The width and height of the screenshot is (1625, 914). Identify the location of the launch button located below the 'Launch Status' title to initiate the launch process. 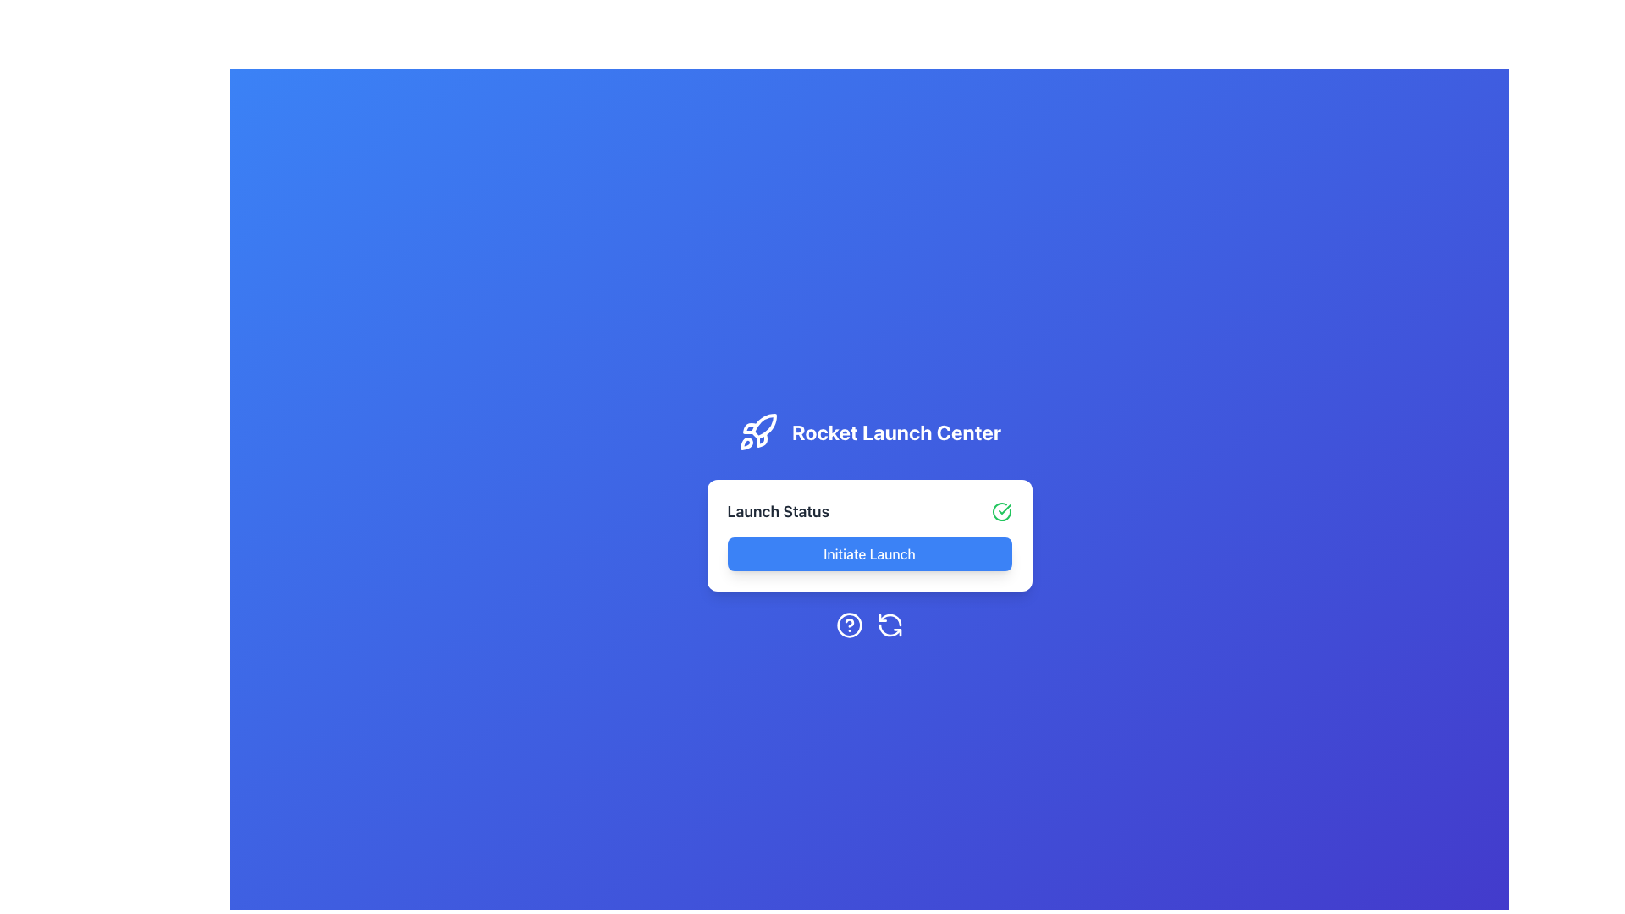
(869, 554).